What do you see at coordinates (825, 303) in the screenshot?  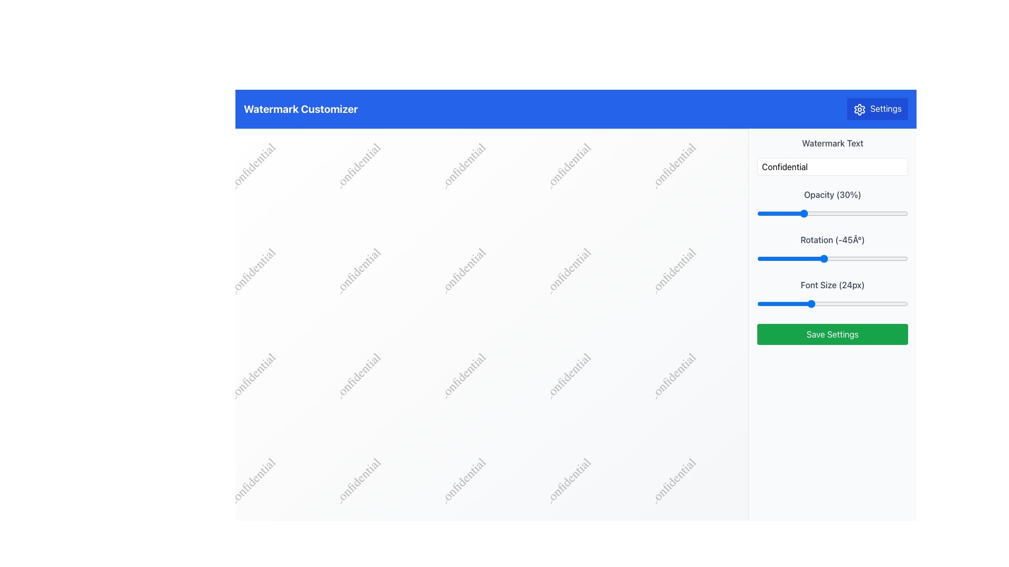 I see `the font size` at bounding box center [825, 303].